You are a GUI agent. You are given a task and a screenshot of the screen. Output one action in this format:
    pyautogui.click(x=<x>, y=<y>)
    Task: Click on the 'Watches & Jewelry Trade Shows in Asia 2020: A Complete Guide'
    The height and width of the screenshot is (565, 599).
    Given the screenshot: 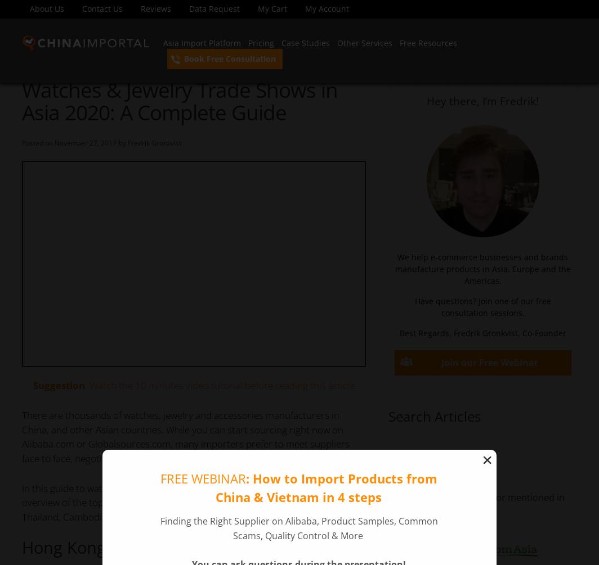 What is the action you would take?
    pyautogui.click(x=179, y=100)
    